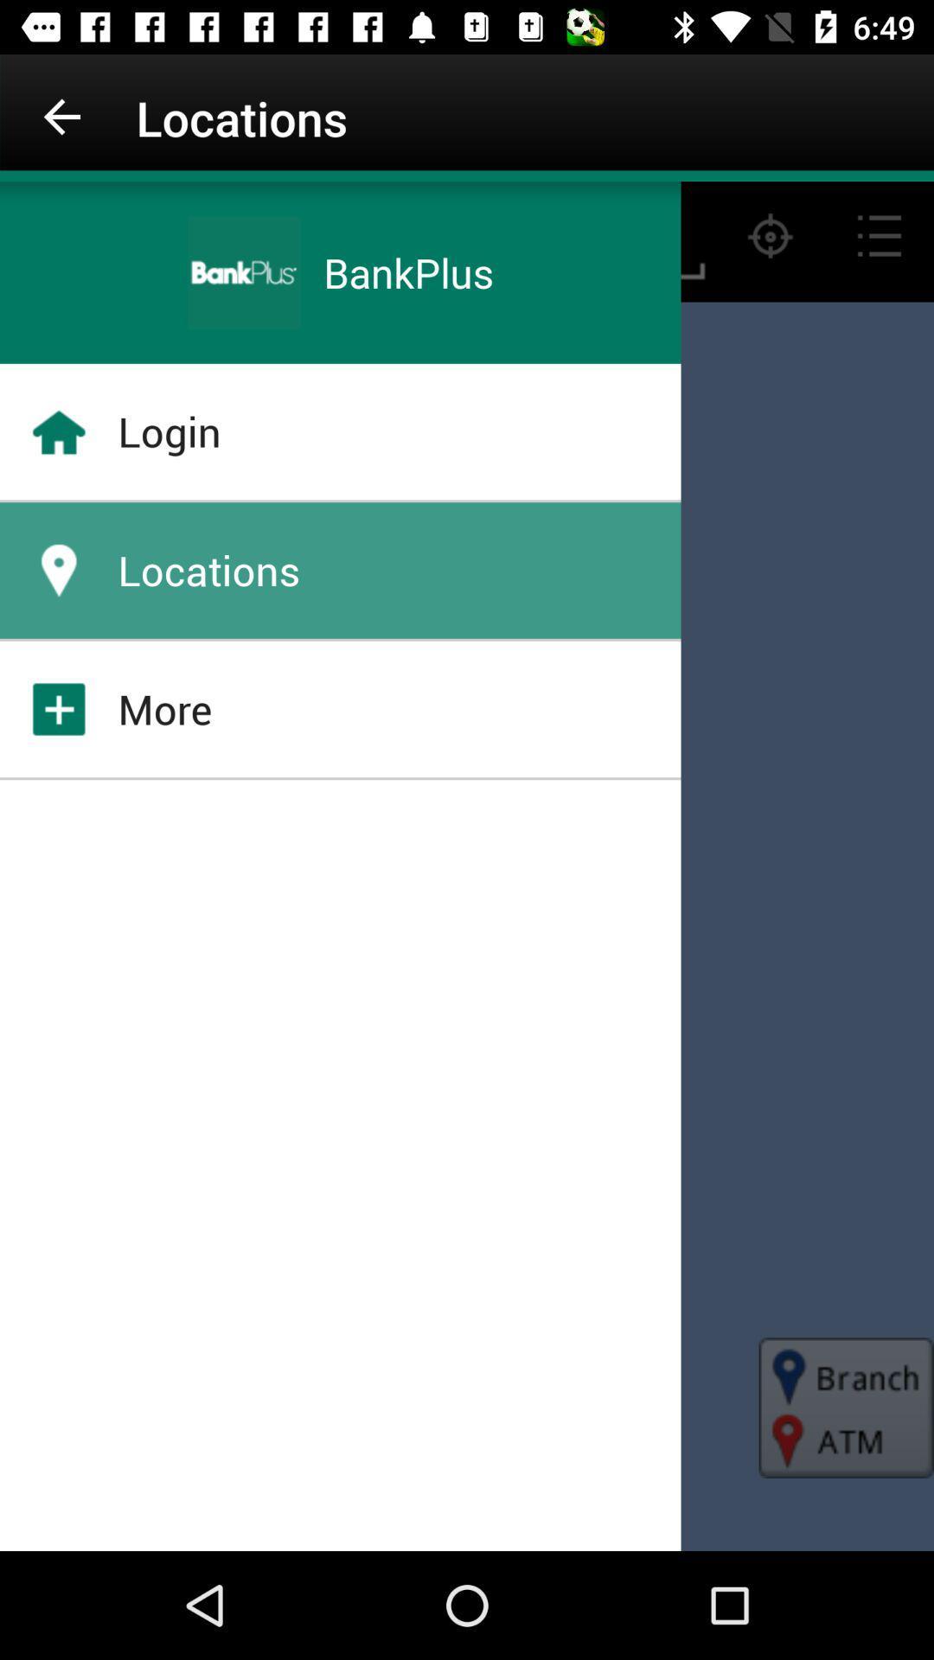 This screenshot has height=1660, width=934. What do you see at coordinates (58, 571) in the screenshot?
I see `location icon` at bounding box center [58, 571].